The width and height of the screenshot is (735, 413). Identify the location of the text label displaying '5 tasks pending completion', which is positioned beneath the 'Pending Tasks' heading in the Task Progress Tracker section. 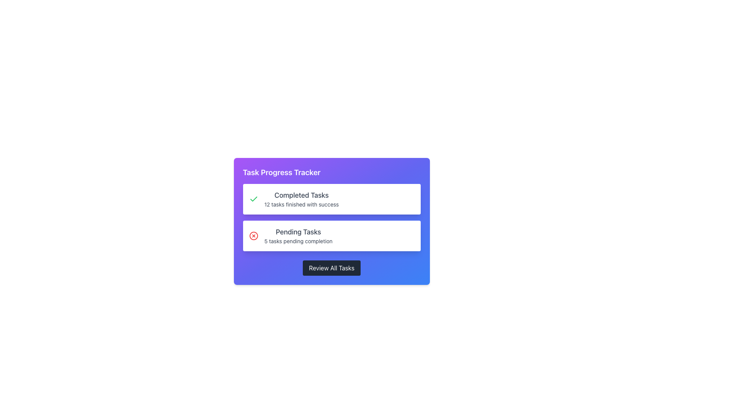
(298, 241).